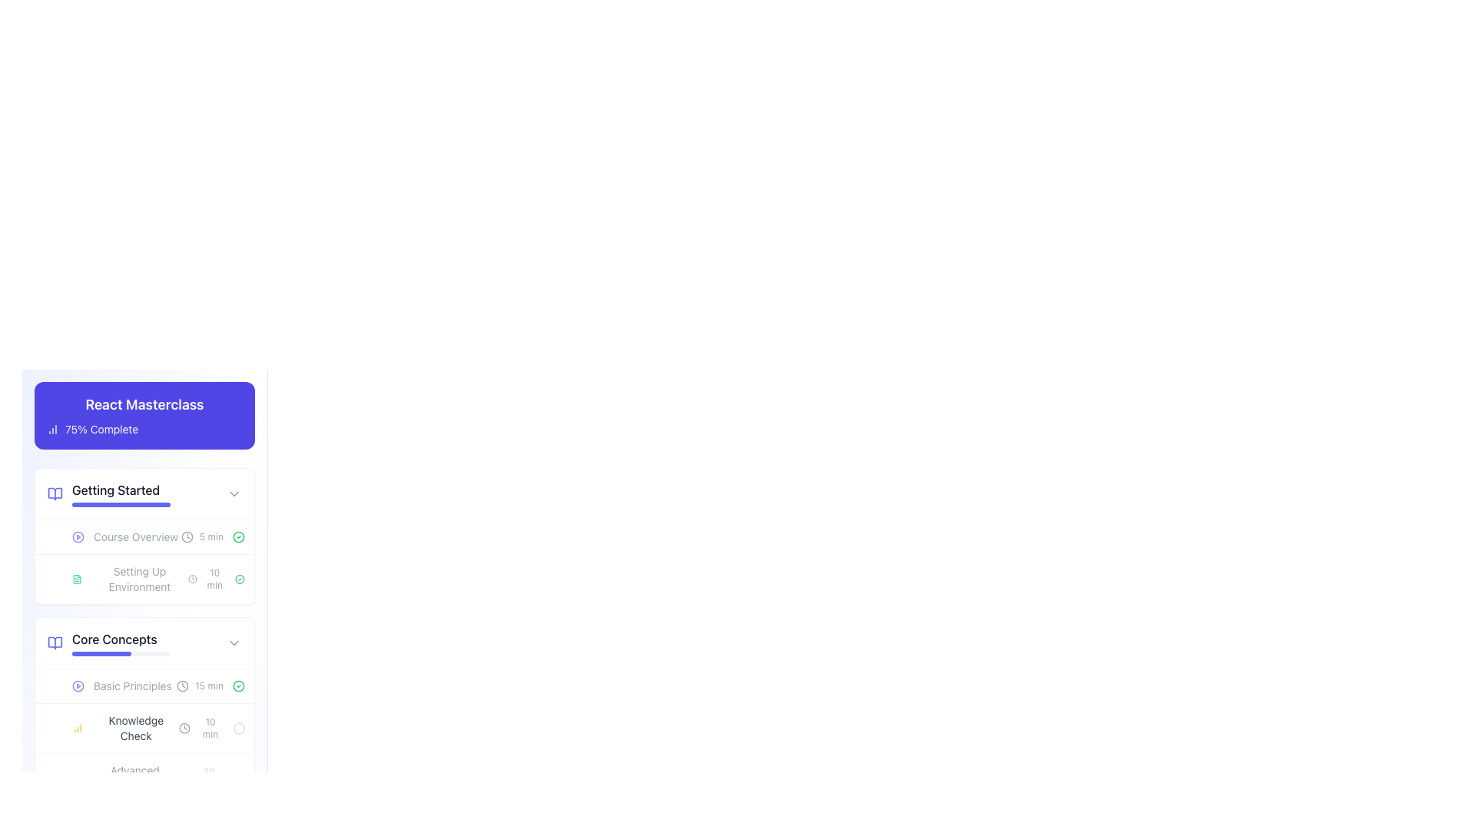 Image resolution: width=1475 pixels, height=830 pixels. Describe the element at coordinates (144, 636) in the screenshot. I see `the 'Core Concepts' section header` at that location.